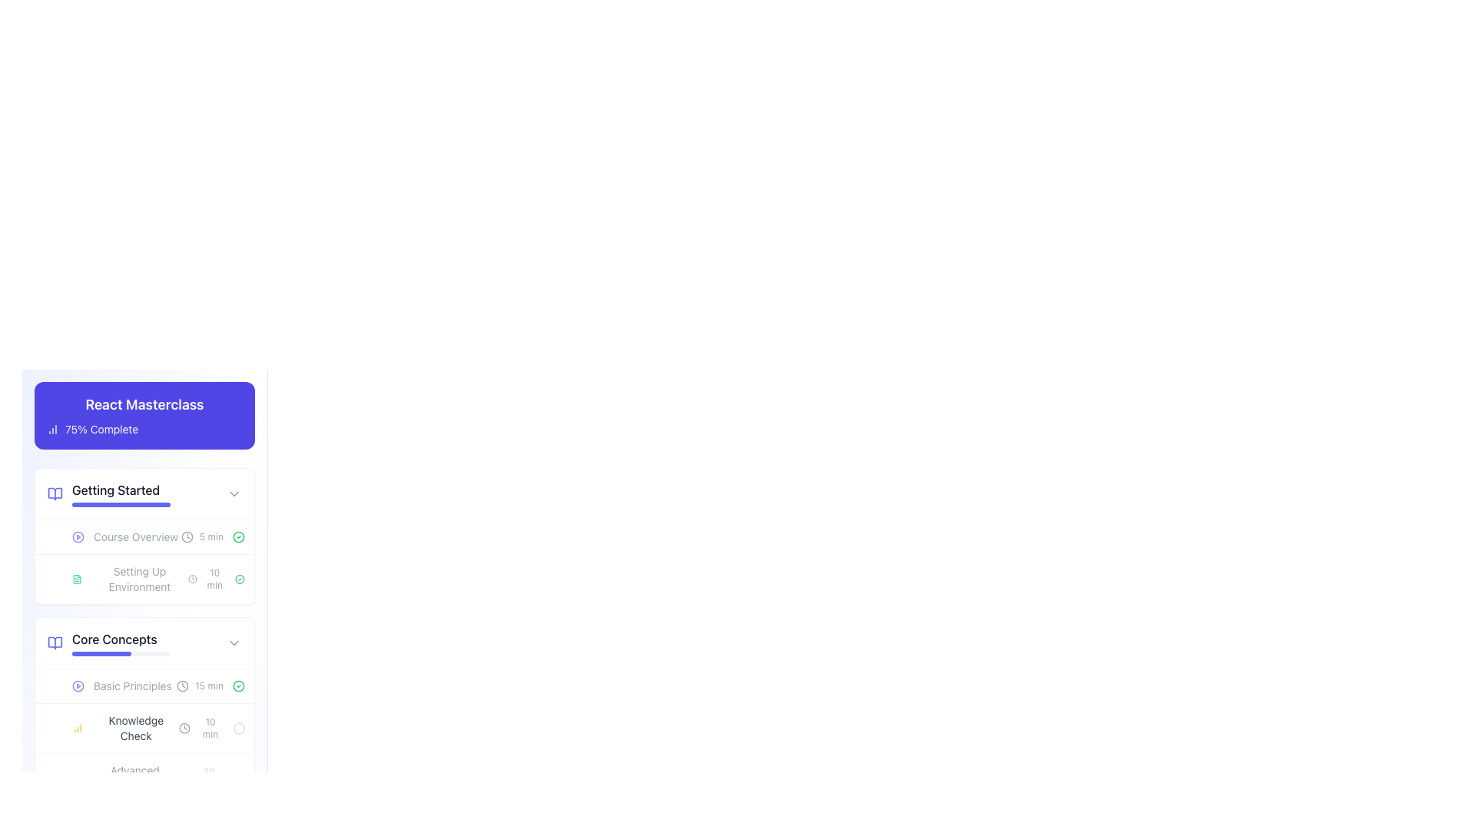 Image resolution: width=1475 pixels, height=830 pixels. Describe the element at coordinates (144, 636) in the screenshot. I see `the 'Core Concepts' section header` at that location.